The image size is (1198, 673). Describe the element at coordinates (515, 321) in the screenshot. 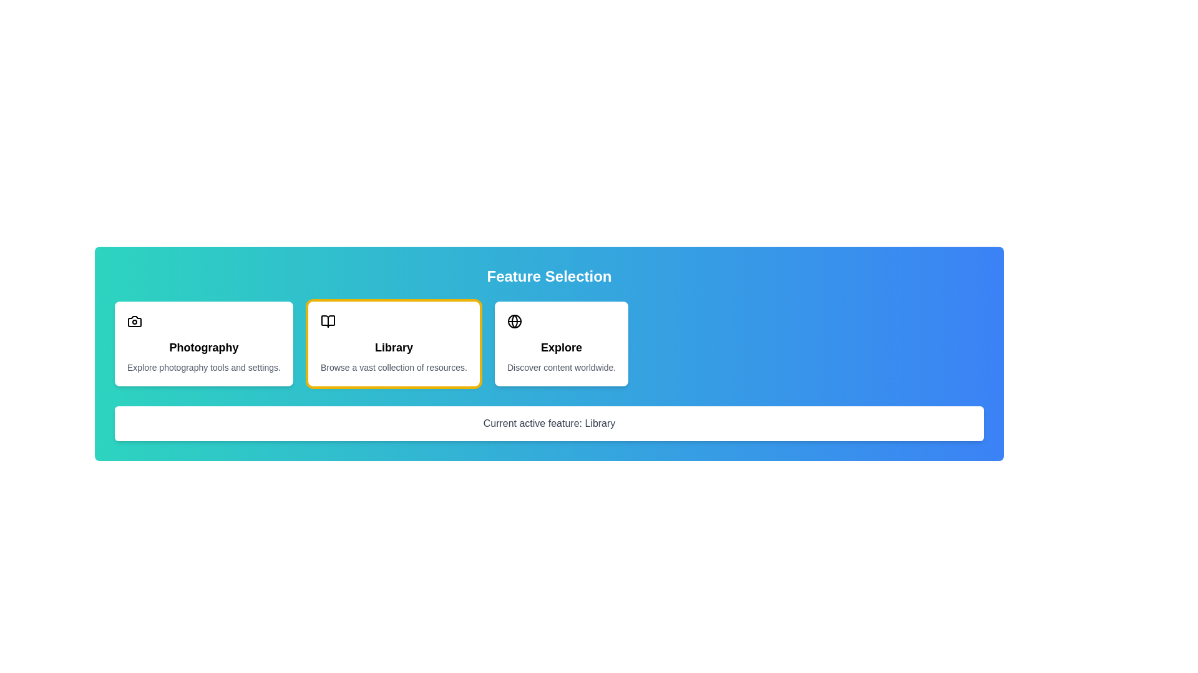

I see `the circular SVG graphic element that is centrally located within the graphical globe icon, which is situated above the 'Photography' option in the feature selection interface` at that location.